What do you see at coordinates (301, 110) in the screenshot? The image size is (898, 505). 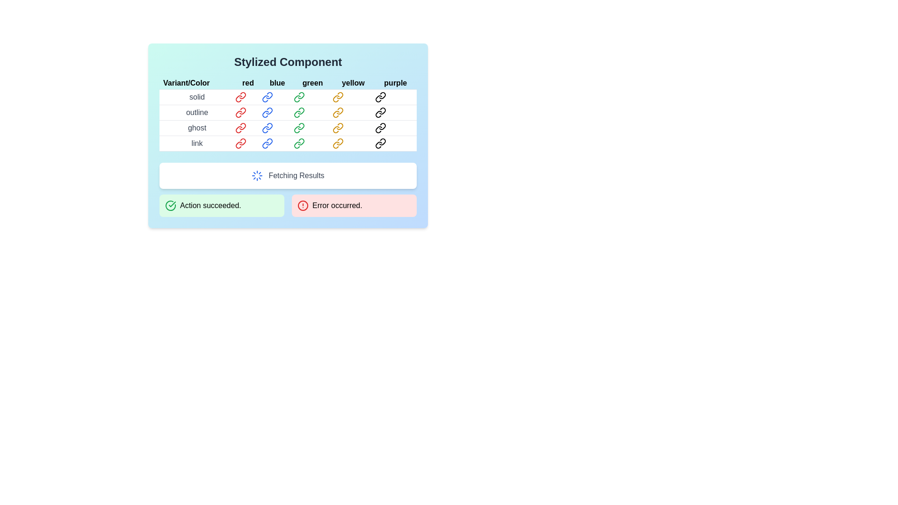 I see `the green link icon located in the second row under the 'outline' section of the table` at bounding box center [301, 110].